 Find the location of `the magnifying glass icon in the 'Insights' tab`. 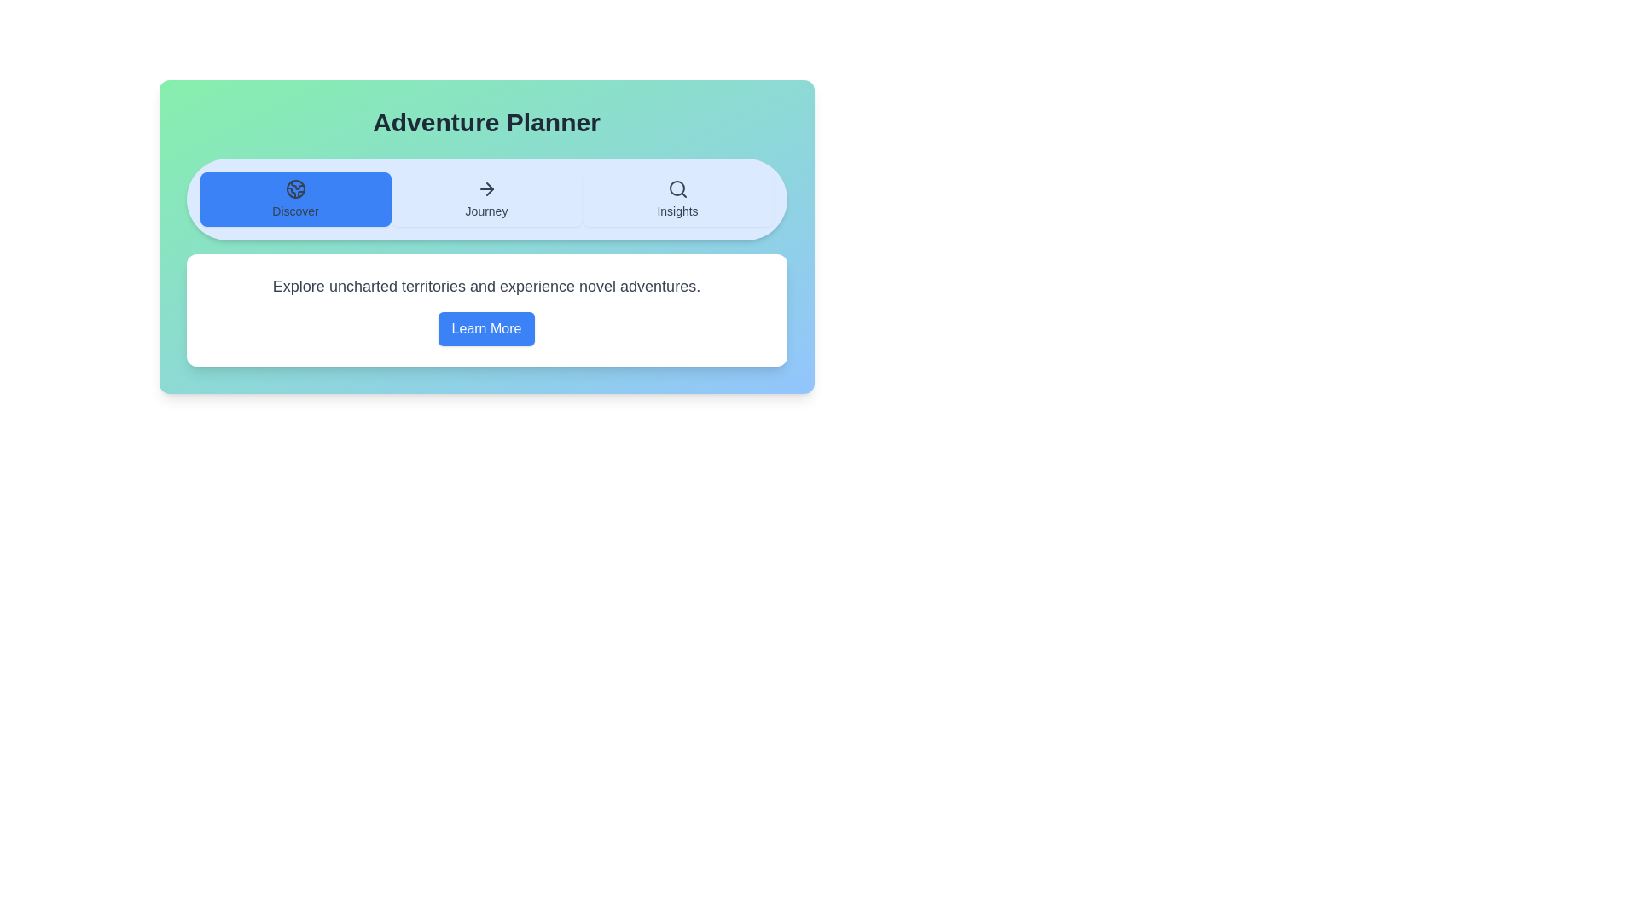

the magnifying glass icon in the 'Insights' tab is located at coordinates (677, 189).